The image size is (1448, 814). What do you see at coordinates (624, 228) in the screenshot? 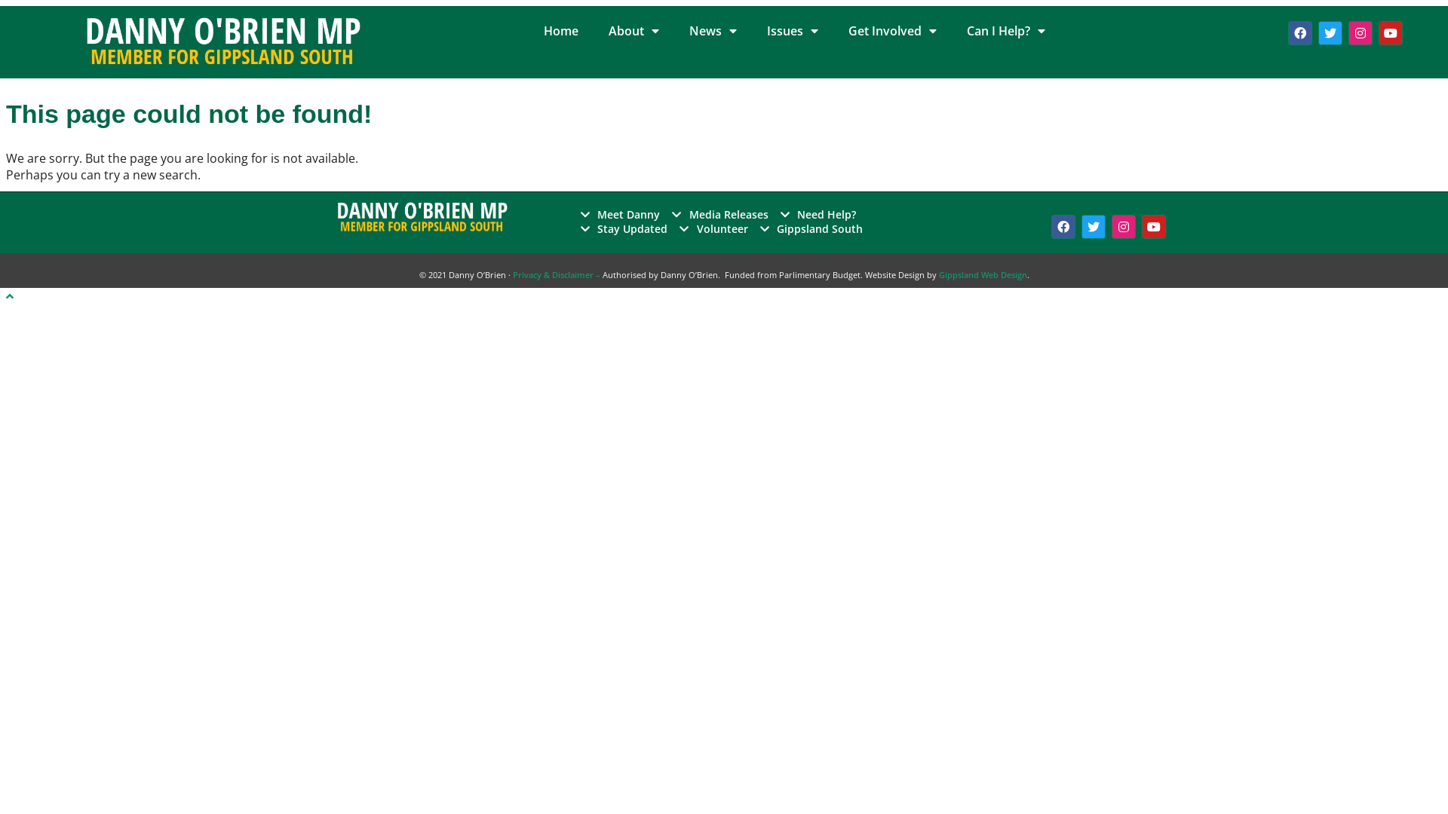
I see `'Stay Updated'` at bounding box center [624, 228].